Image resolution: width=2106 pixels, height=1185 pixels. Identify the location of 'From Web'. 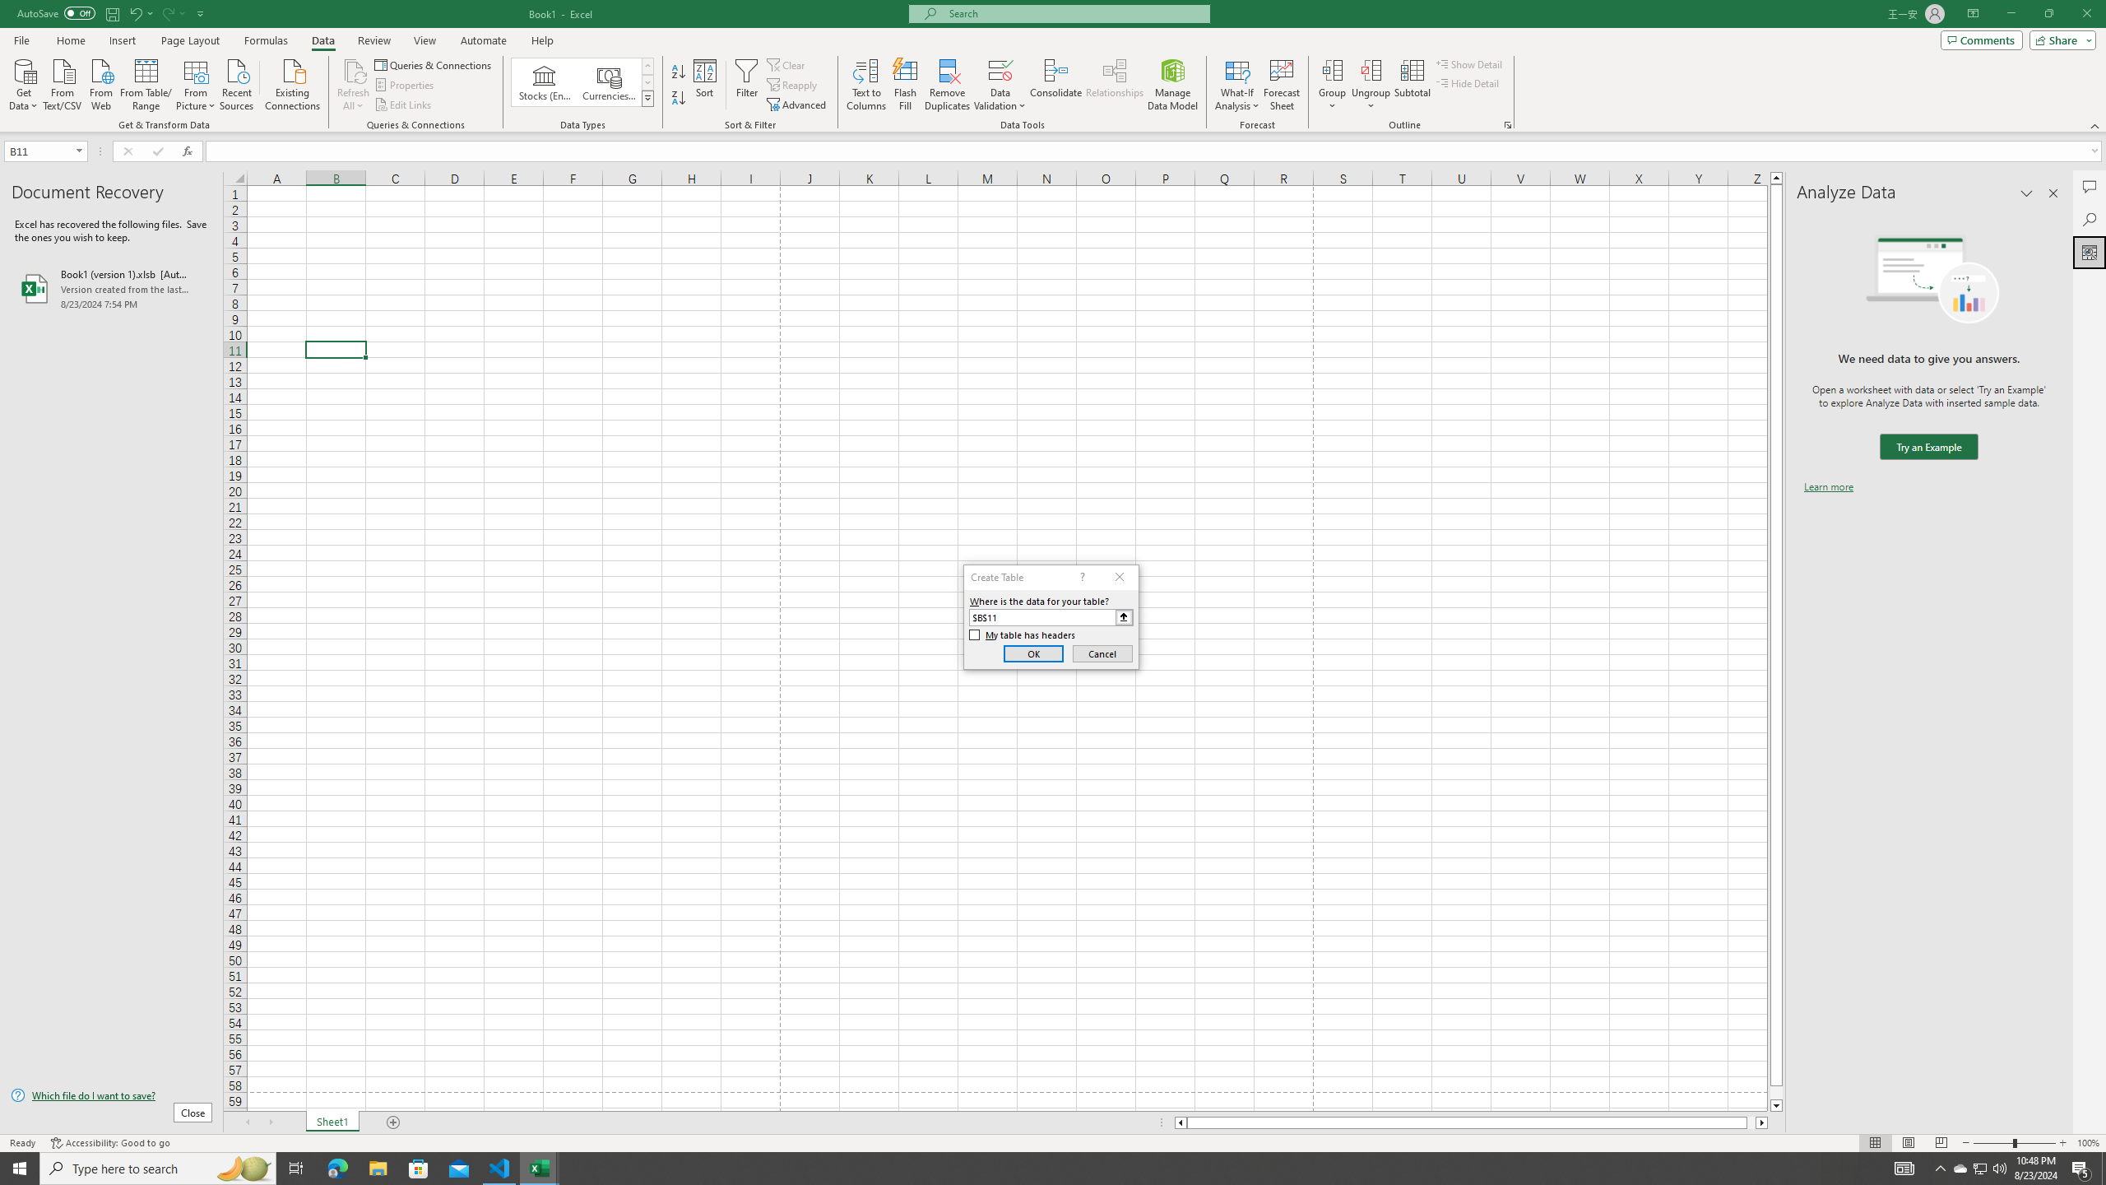
(100, 82).